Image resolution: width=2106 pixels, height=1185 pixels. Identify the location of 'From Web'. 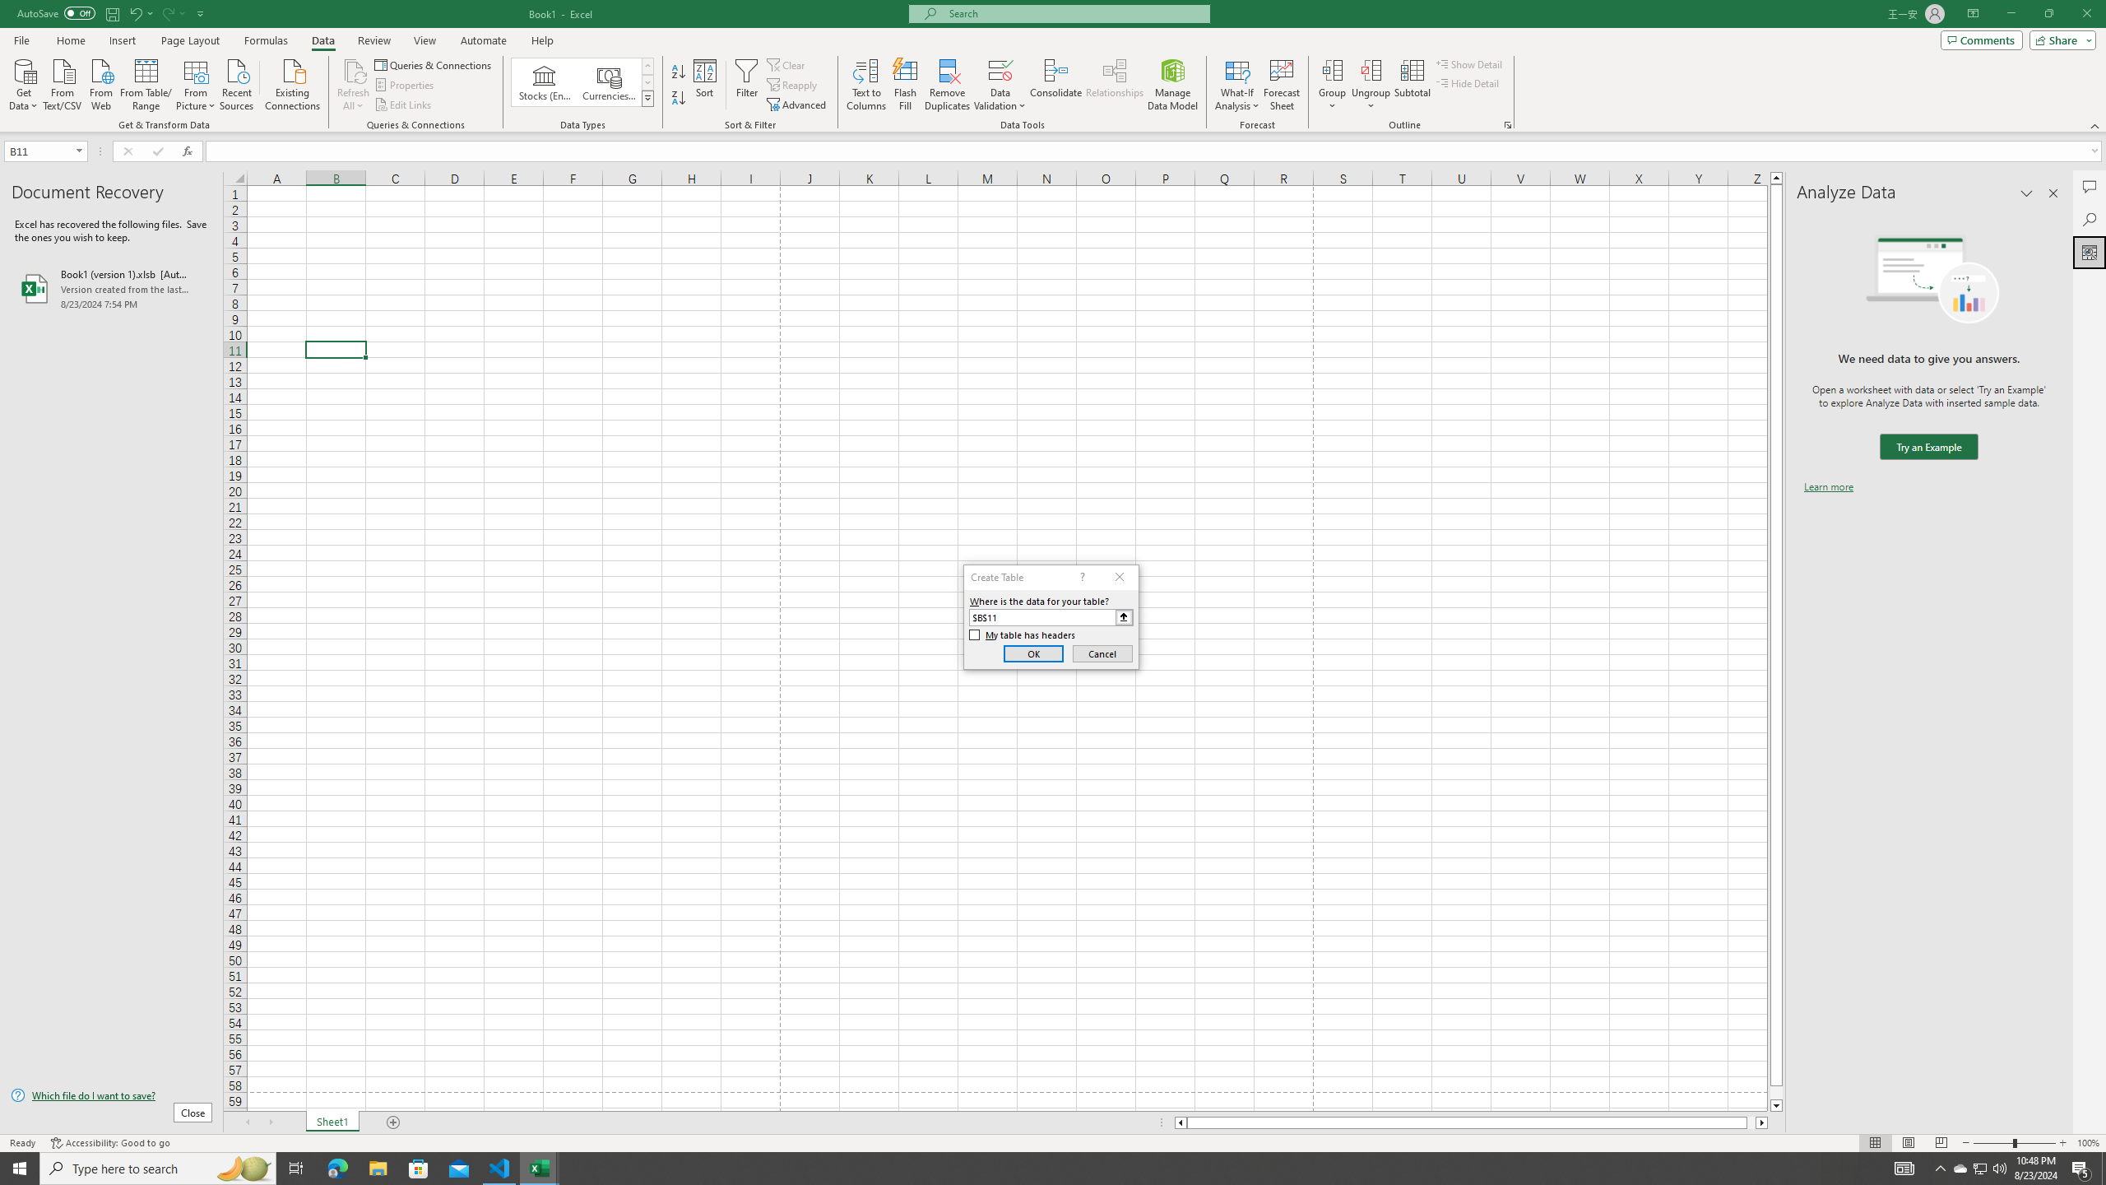
(100, 82).